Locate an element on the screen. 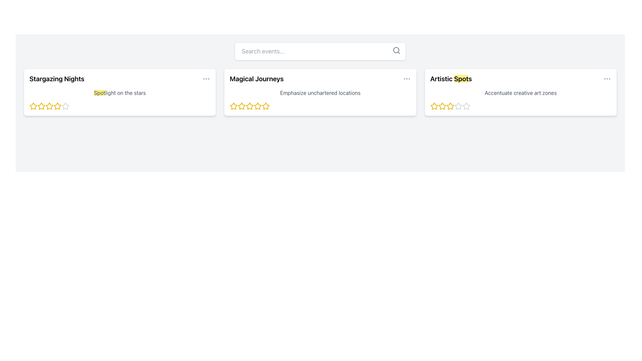 This screenshot has width=642, height=361. the title text element 'Magical Journeys', which is centered near the top of the middle card in a three-card layout, serving as the main heading for its card is located at coordinates (256, 78).